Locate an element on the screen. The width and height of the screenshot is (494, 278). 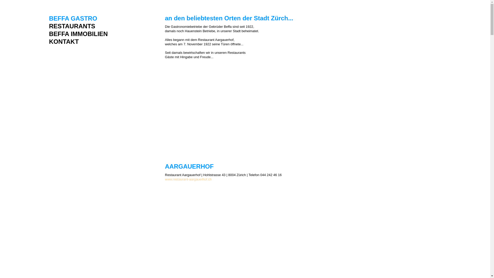
'BEFFA IMMOBILIEN' is located at coordinates (78, 34).